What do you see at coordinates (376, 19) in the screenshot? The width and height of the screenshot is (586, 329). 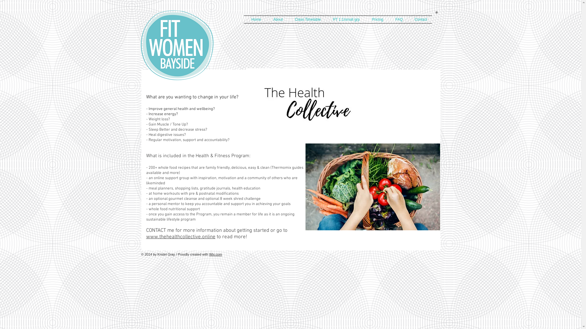 I see `'Pricing'` at bounding box center [376, 19].